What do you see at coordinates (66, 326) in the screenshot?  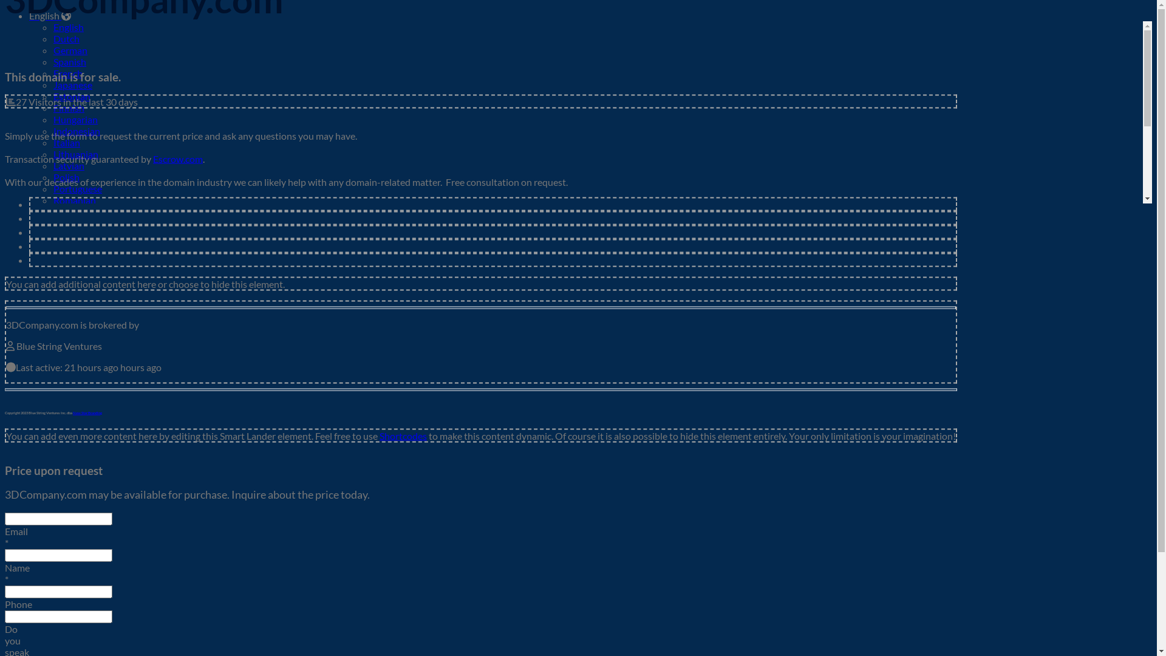 I see `'Greek'` at bounding box center [66, 326].